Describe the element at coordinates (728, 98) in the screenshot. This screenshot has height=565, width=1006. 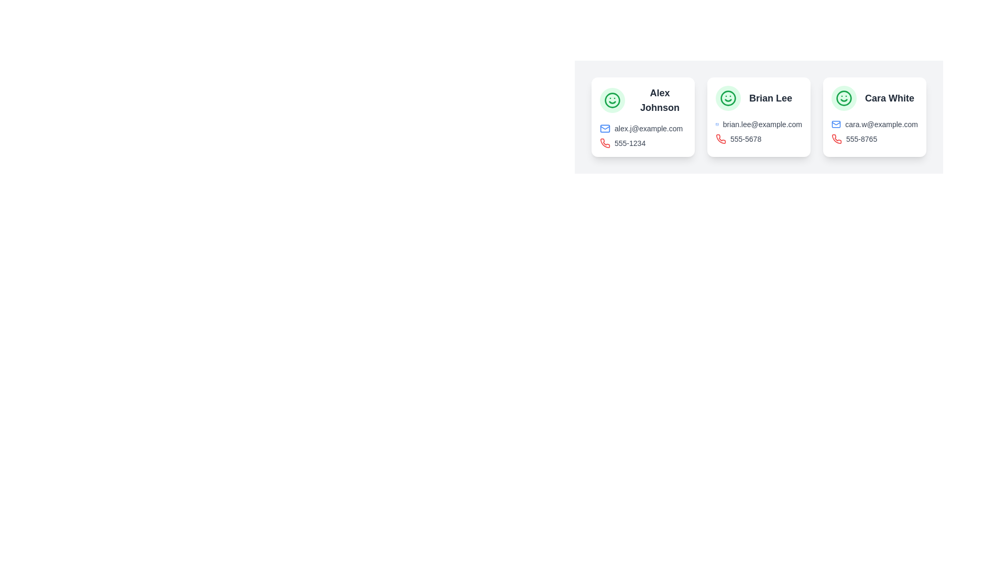
I see `the graphical icon located at the top-left corner of the card labeled 'Cara White', which signifies a persona's profile` at that location.